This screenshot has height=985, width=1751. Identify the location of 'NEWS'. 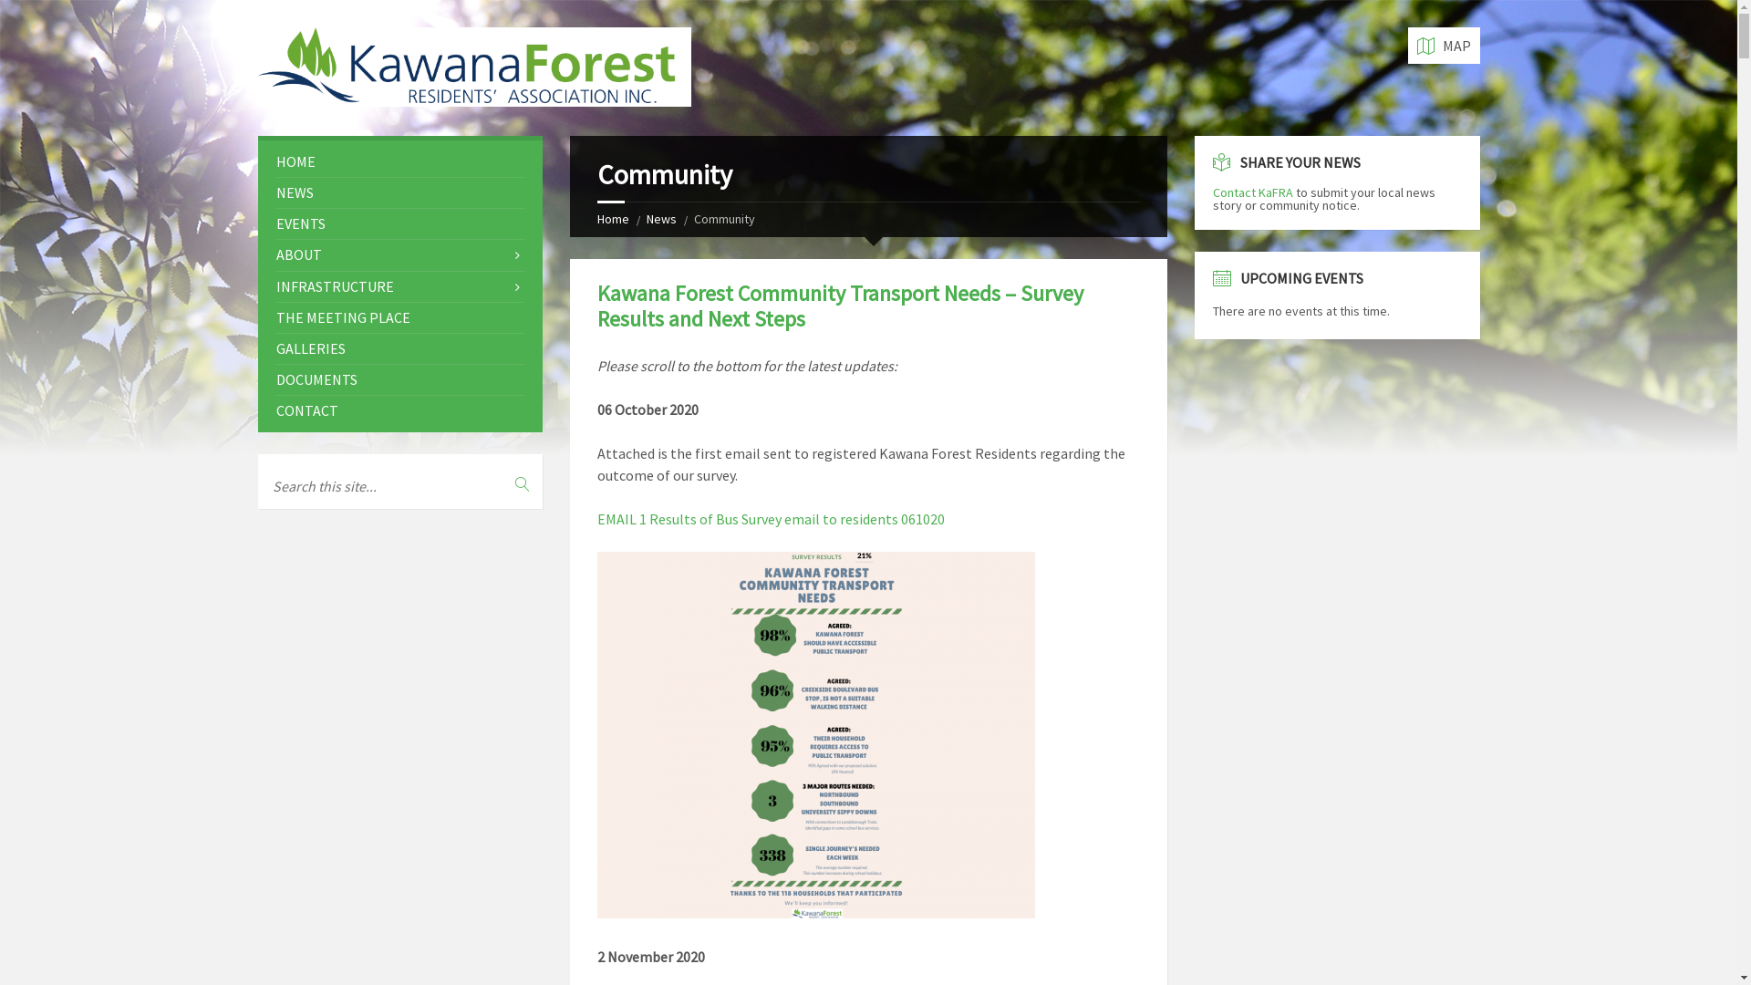
(399, 192).